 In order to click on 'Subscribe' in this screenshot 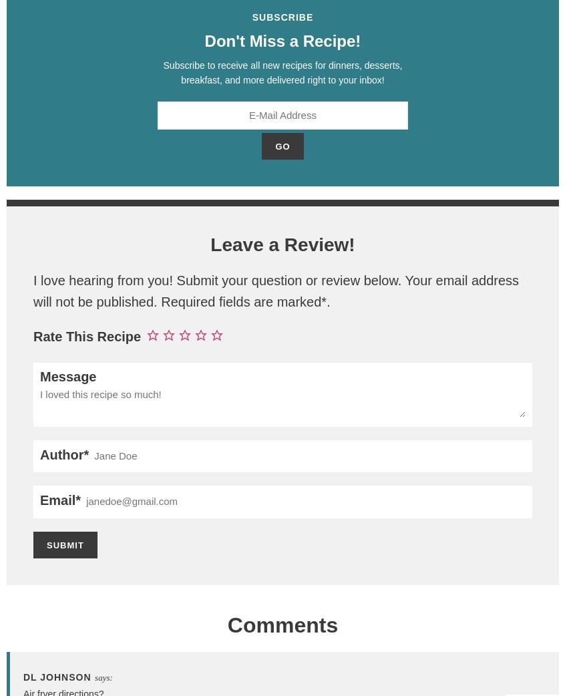, I will do `click(251, 17)`.